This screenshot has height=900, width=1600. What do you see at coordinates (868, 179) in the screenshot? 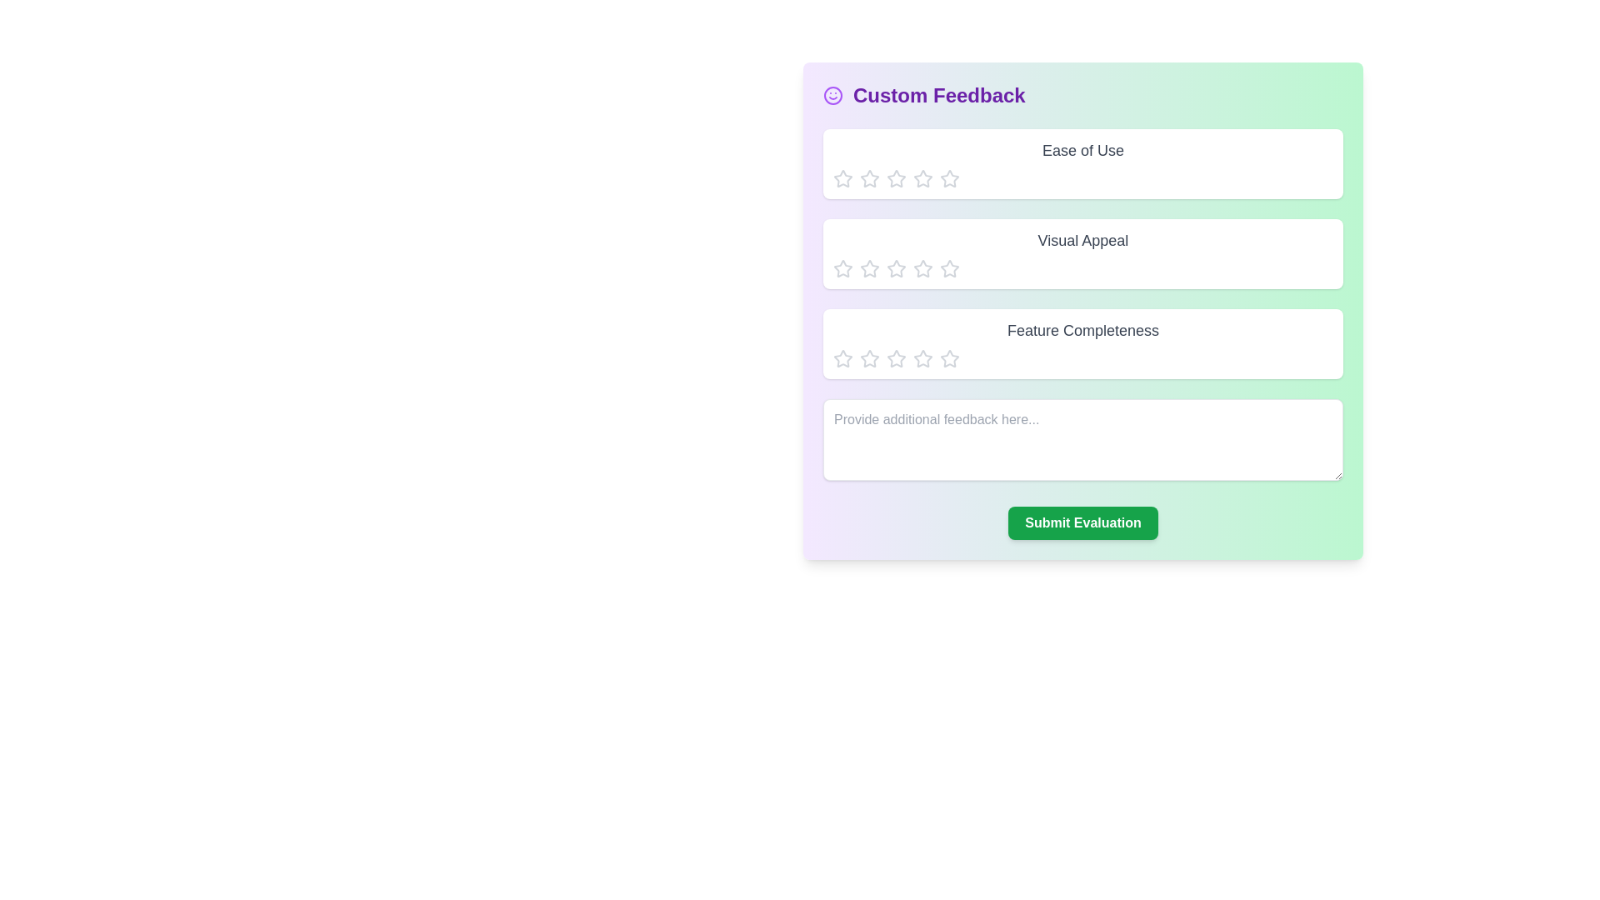
I see `the element Ease of Use Star 2 to observe its hover effect` at bounding box center [868, 179].